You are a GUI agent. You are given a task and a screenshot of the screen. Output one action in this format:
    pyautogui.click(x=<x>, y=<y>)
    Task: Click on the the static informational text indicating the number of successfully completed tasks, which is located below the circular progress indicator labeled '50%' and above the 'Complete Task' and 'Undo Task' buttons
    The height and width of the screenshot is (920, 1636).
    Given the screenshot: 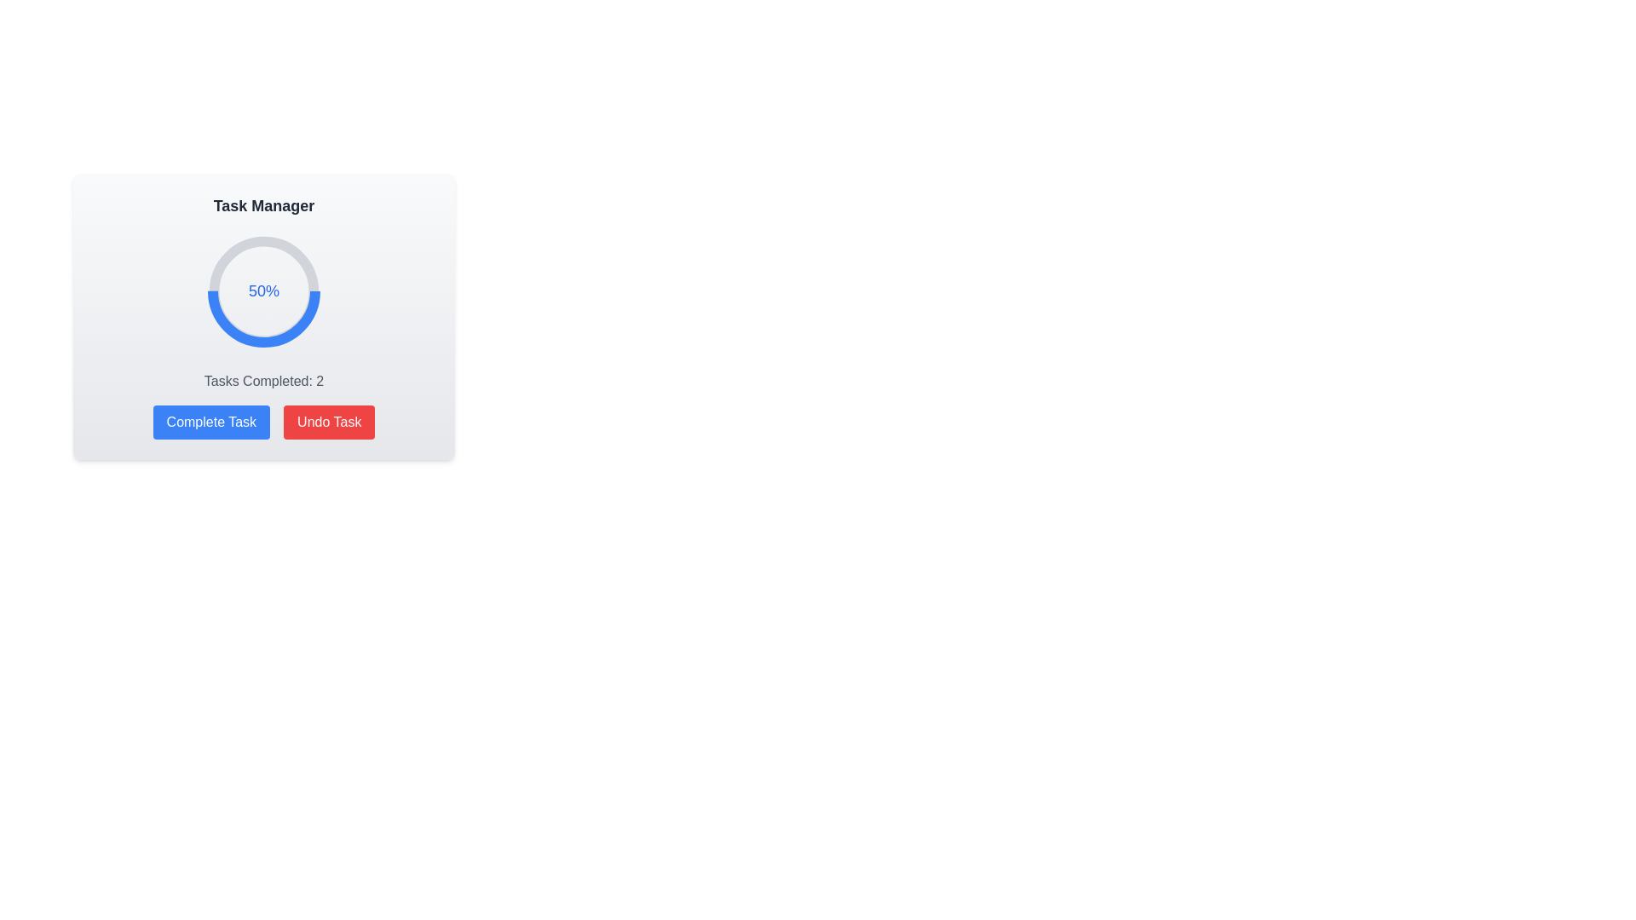 What is the action you would take?
    pyautogui.click(x=263, y=380)
    